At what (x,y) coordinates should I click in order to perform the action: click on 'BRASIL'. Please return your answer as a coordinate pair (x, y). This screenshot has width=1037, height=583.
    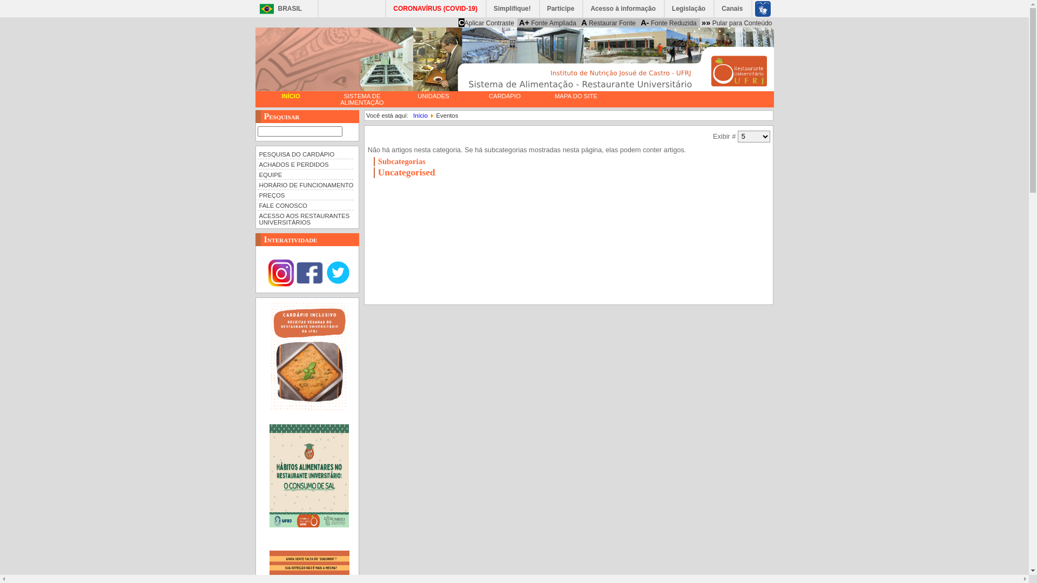
    Looking at the image, I should click on (278, 9).